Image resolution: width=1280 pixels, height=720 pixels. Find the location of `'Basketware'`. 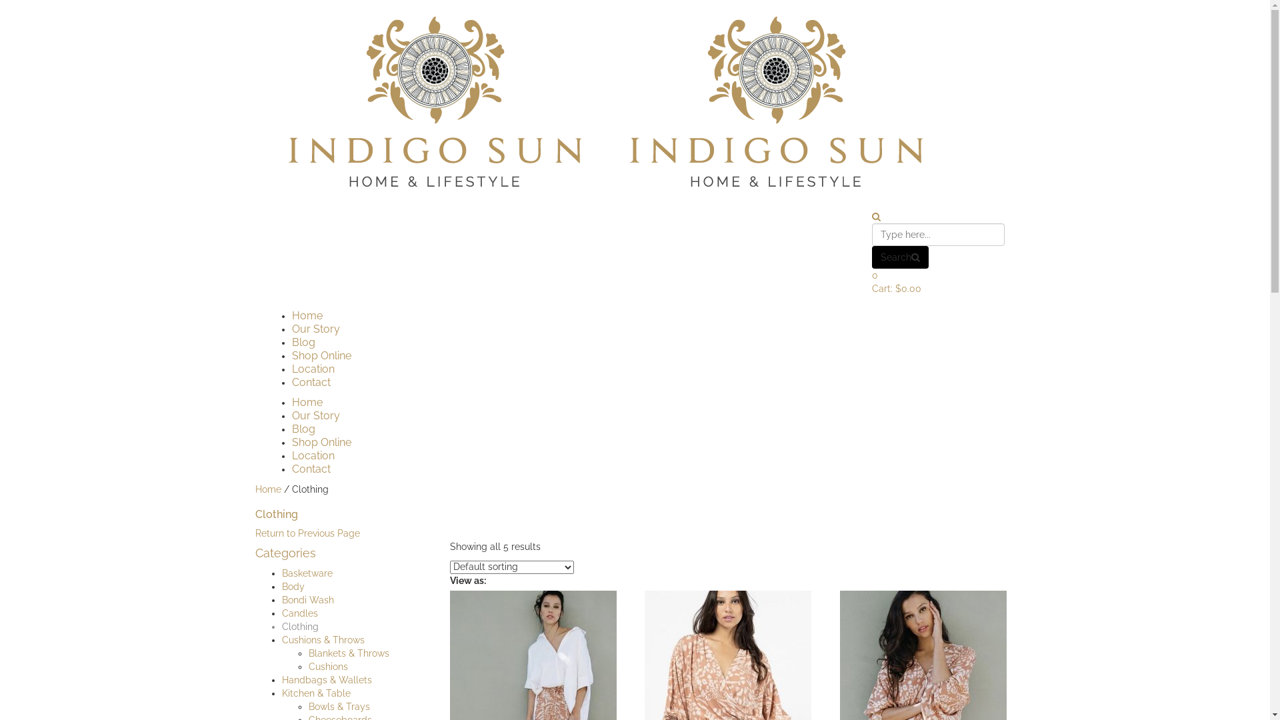

'Basketware' is located at coordinates (281, 573).